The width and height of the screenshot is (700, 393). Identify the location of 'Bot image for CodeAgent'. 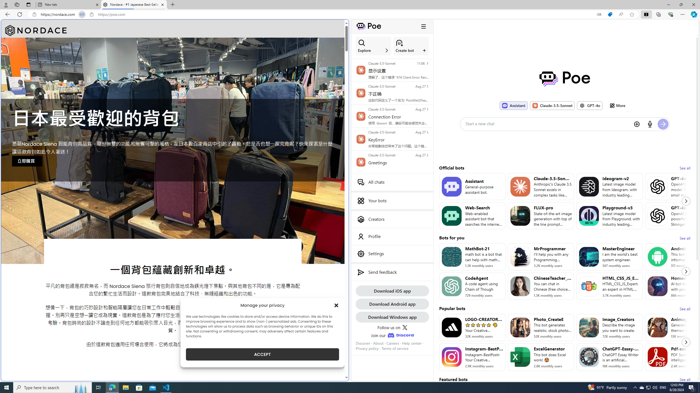
(451, 286).